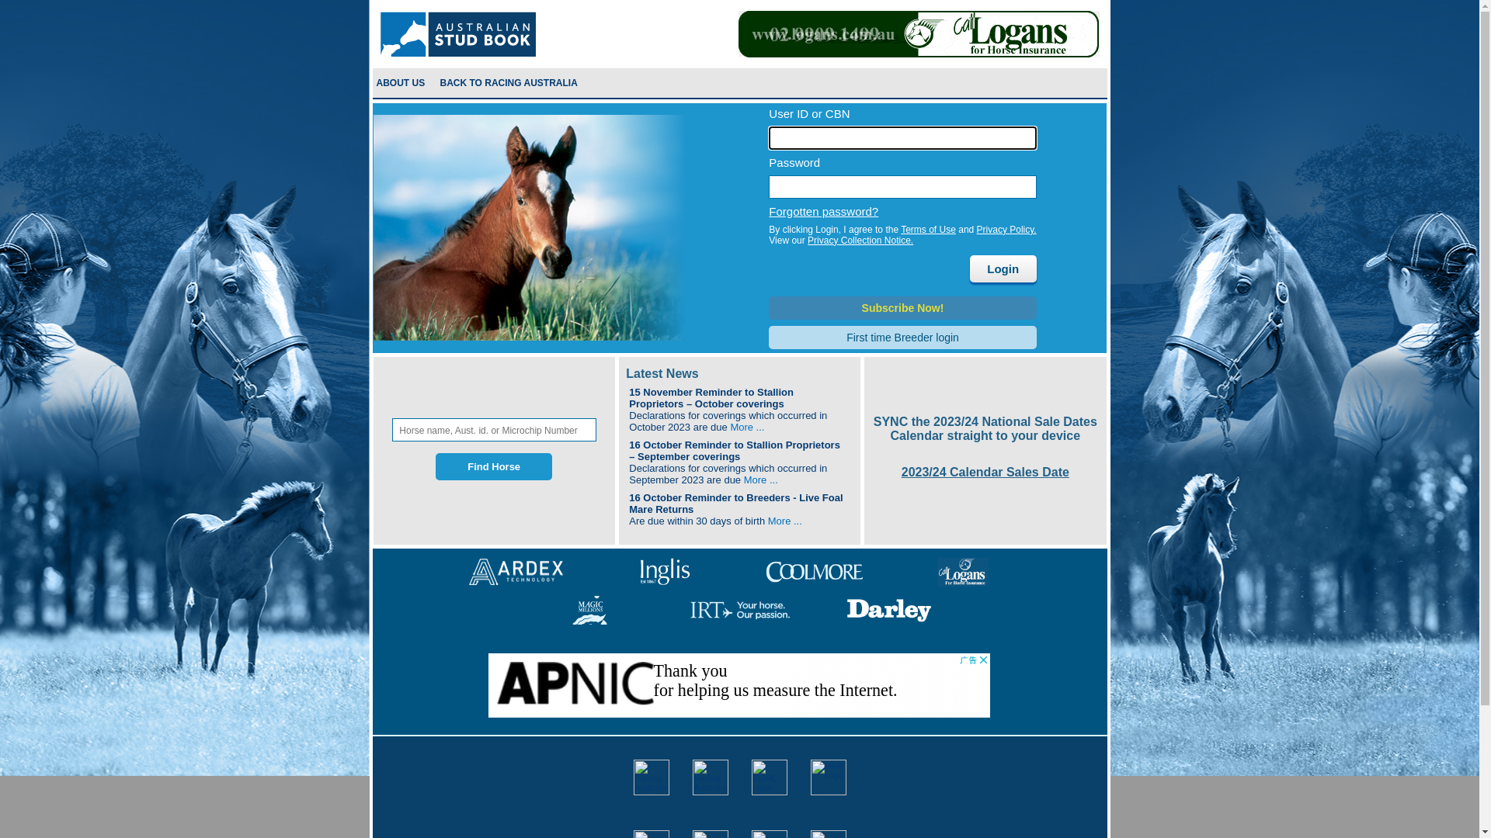 The width and height of the screenshot is (1491, 838). Describe the element at coordinates (510, 83) in the screenshot. I see `'Back to Racing Australia'` at that location.